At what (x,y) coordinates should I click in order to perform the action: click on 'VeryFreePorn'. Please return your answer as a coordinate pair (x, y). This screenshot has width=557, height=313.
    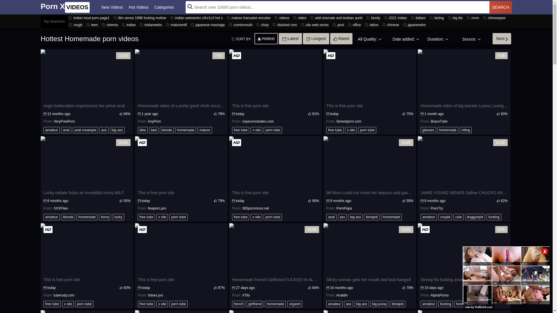
    Looking at the image, I should click on (54, 121).